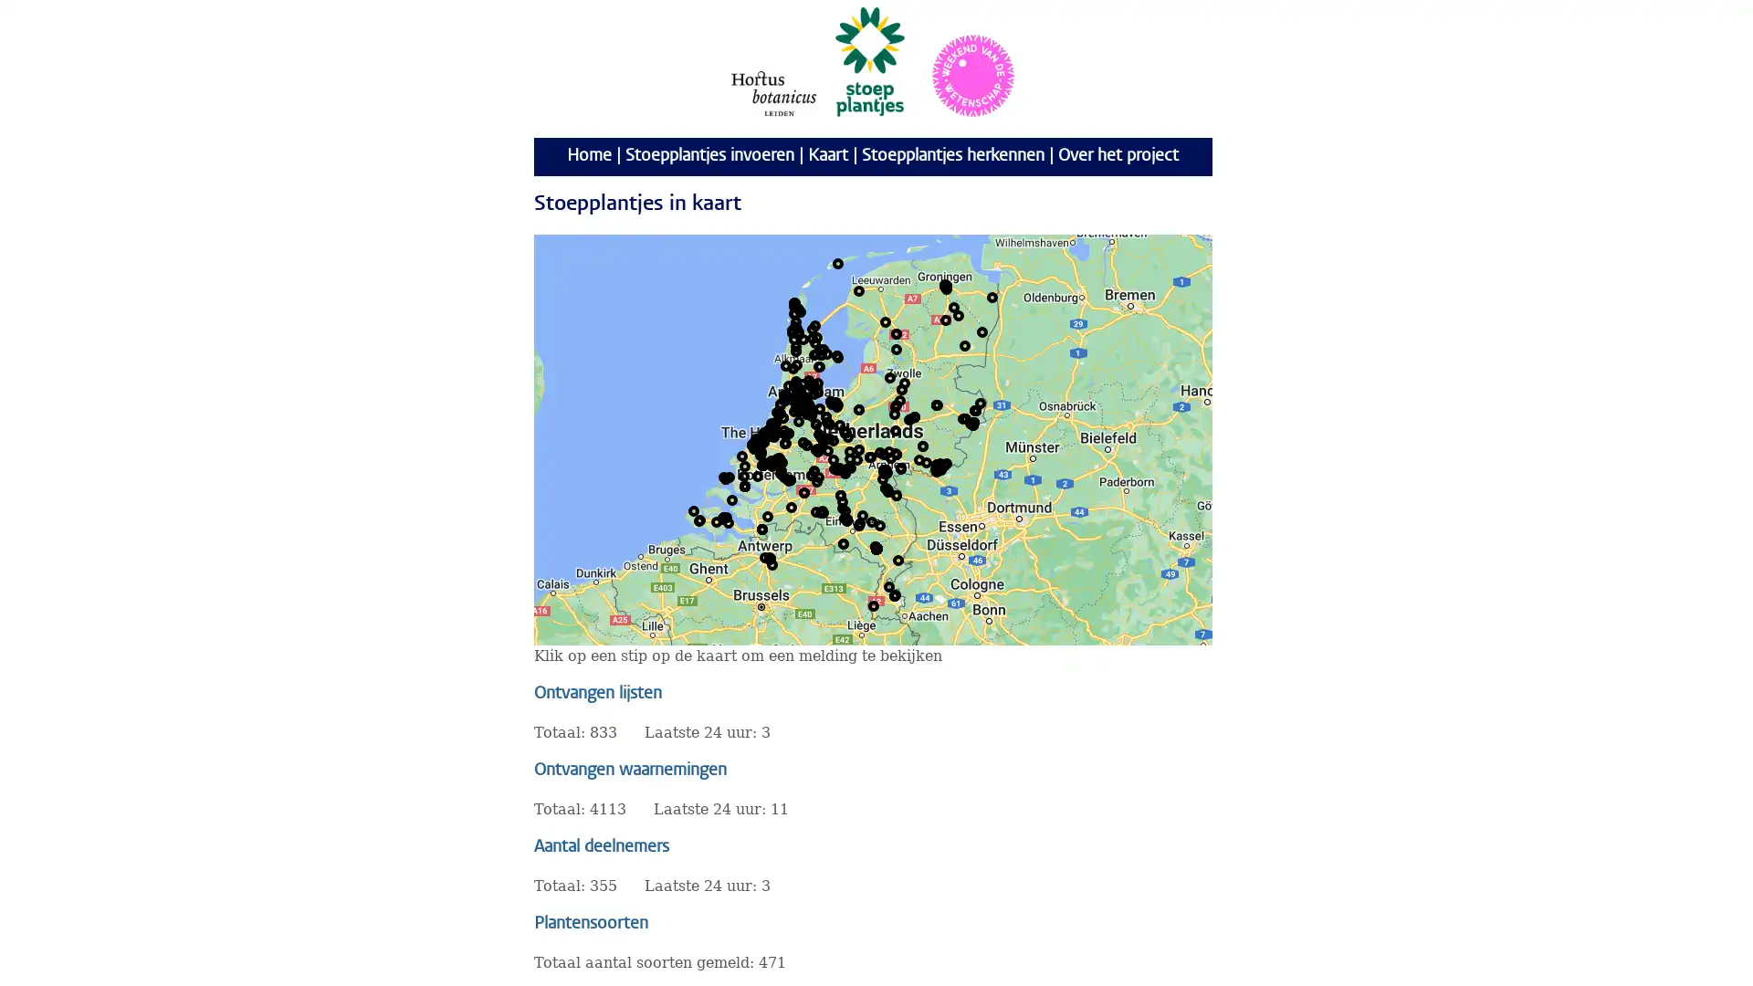 The width and height of the screenshot is (1753, 986). What do you see at coordinates (804, 407) in the screenshot?
I see `Telling van op 09 maart 2022` at bounding box center [804, 407].